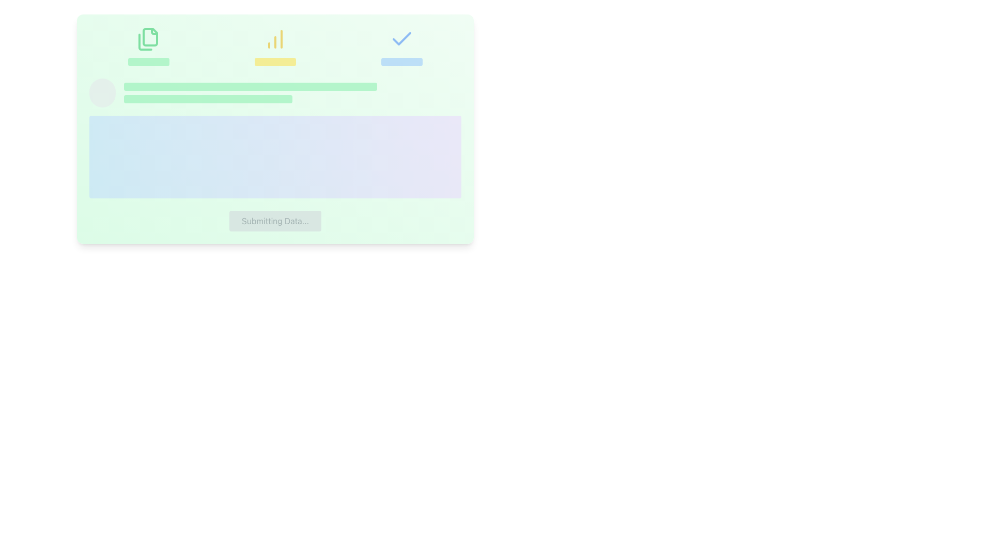 This screenshot has width=992, height=558. Describe the element at coordinates (275, 61) in the screenshot. I see `the bottommost decorative yellow rectangular bar element, which is the fifth component in a vertical layout, directly below a bar chart` at that location.